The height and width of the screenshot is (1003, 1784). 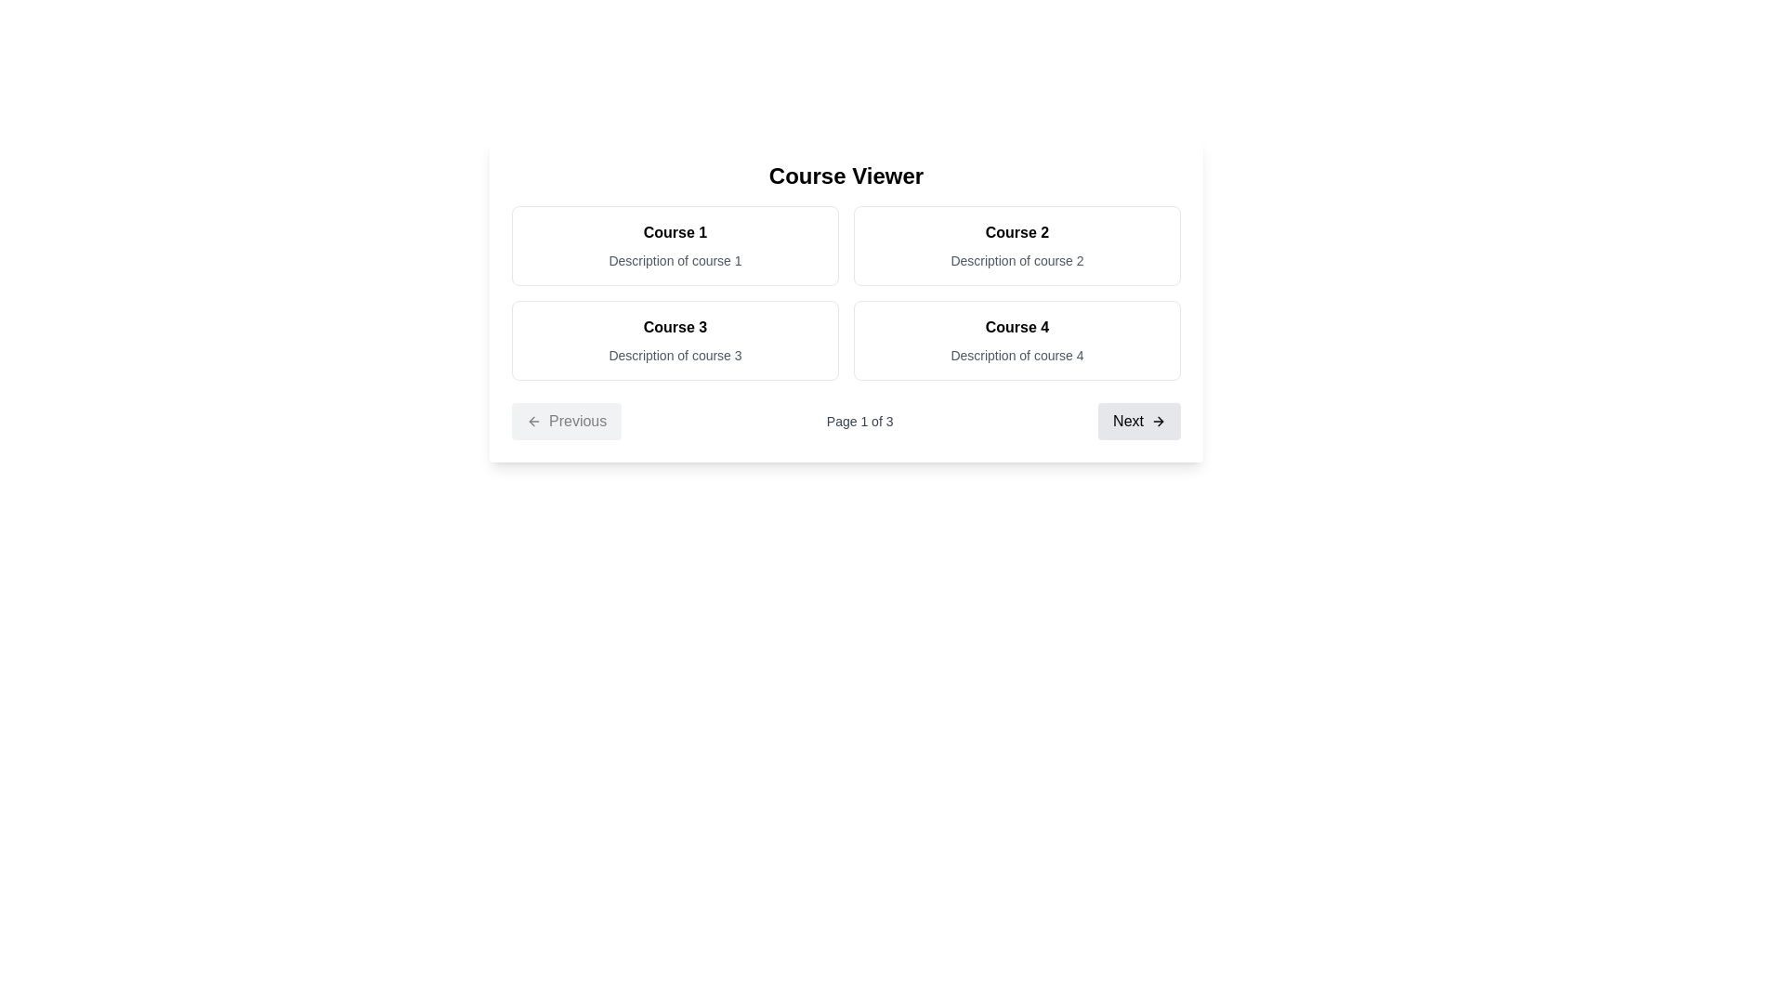 What do you see at coordinates (1127, 422) in the screenshot?
I see `the 'Next' button text label that indicates users can proceed to the next page, located towards the bottom-right of the page` at bounding box center [1127, 422].